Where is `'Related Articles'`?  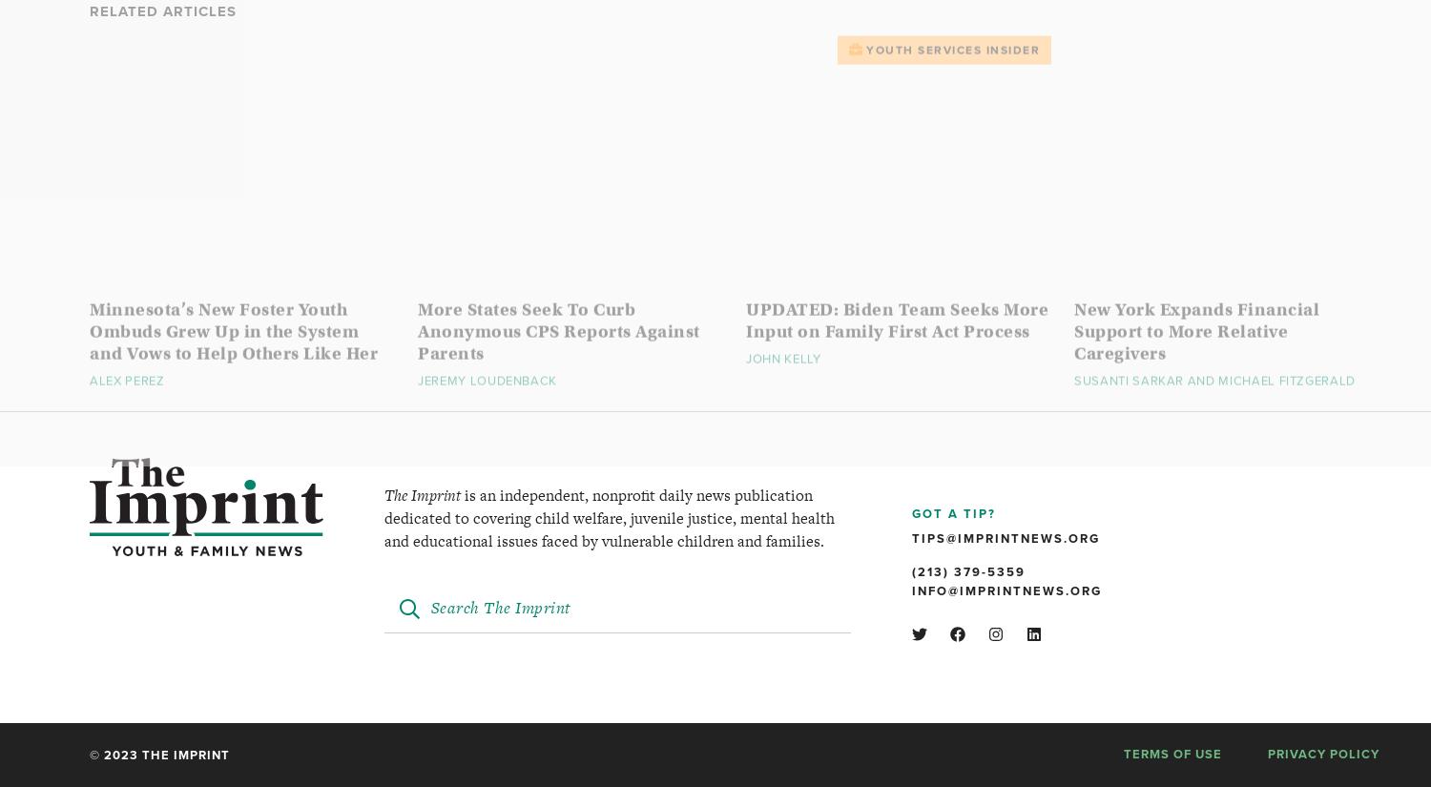 'Related Articles' is located at coordinates (89, 50).